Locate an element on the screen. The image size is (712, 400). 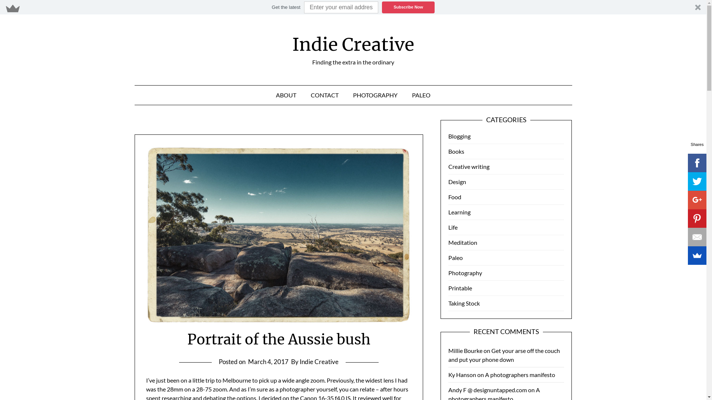
'Email' is located at coordinates (687, 237).